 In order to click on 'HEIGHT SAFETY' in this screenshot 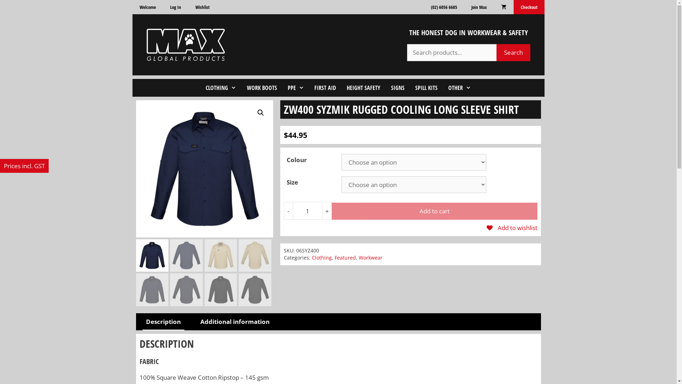, I will do `click(363, 87)`.